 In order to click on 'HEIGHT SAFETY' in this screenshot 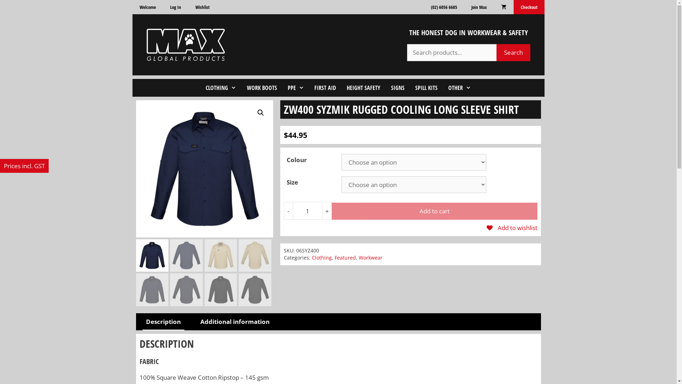, I will do `click(363, 87)`.